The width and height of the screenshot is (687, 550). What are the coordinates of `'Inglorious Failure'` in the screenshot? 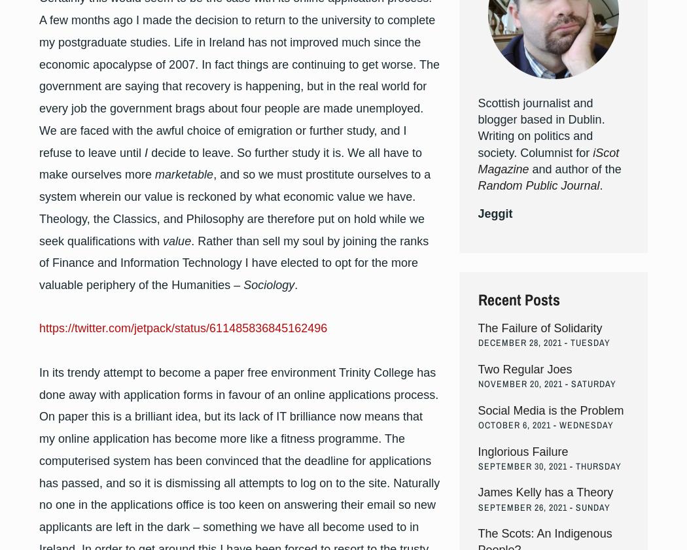 It's located at (522, 451).